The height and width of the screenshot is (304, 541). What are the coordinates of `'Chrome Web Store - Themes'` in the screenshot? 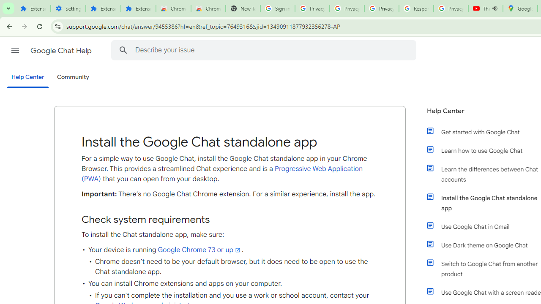 It's located at (208, 8).